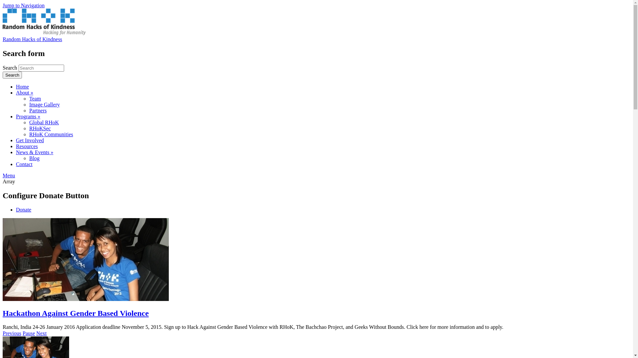  Describe the element at coordinates (76, 313) in the screenshot. I see `'Hackathon Against Gender Based Violence'` at that location.